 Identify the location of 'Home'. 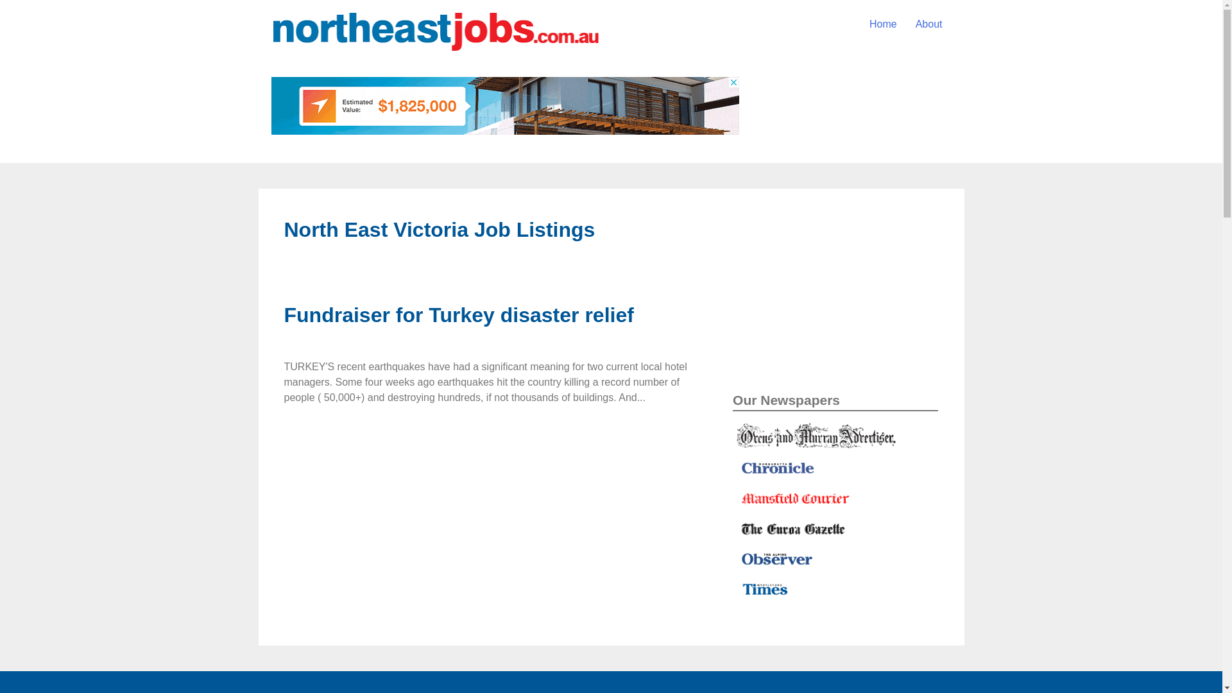
(882, 24).